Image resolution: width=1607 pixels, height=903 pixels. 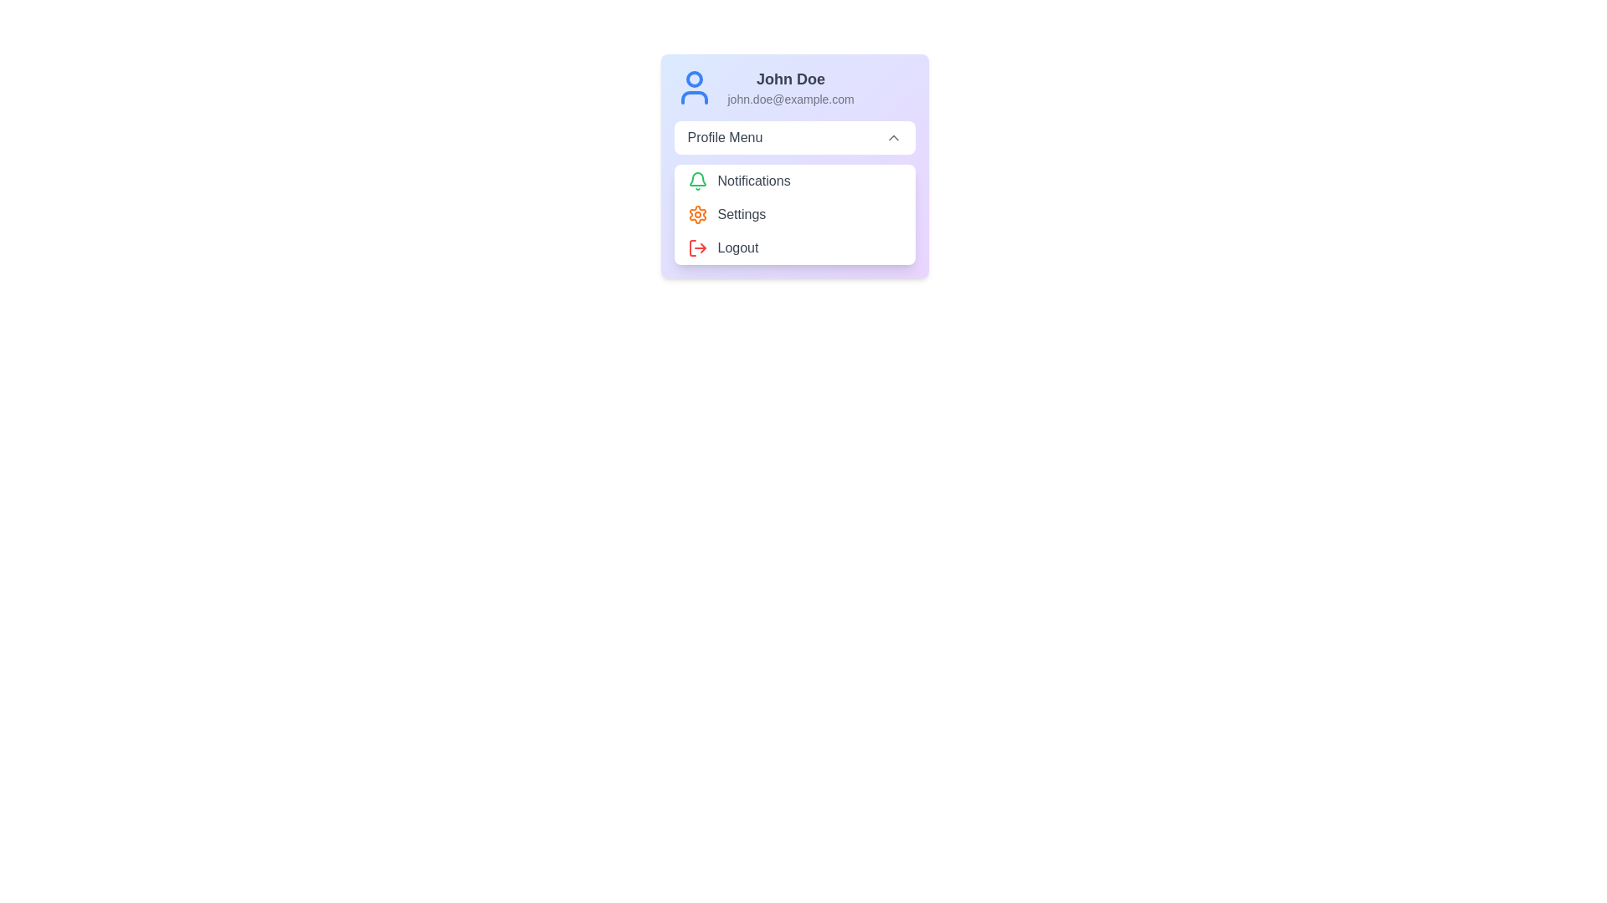 What do you see at coordinates (741, 214) in the screenshot?
I see `the 'Settings' text label, which is styled in gray and positioned in the dropdown menu between 'Notifications' and 'Logout', to the right of an orange gear icon` at bounding box center [741, 214].